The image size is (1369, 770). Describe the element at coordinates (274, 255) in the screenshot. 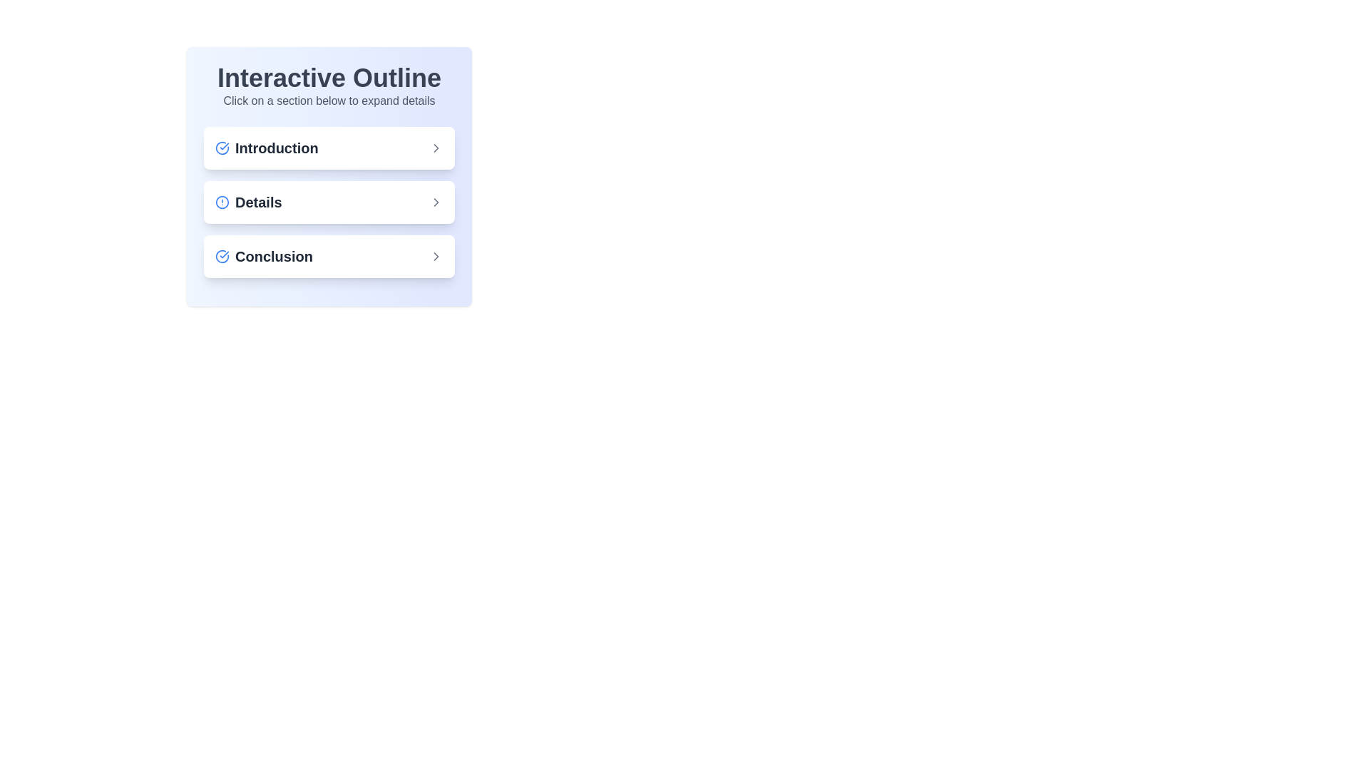

I see `the Text label that indicates the user's focus in the interactive outline, located to the right of a blue checkmark icon within the third section, below 'Details'` at that location.